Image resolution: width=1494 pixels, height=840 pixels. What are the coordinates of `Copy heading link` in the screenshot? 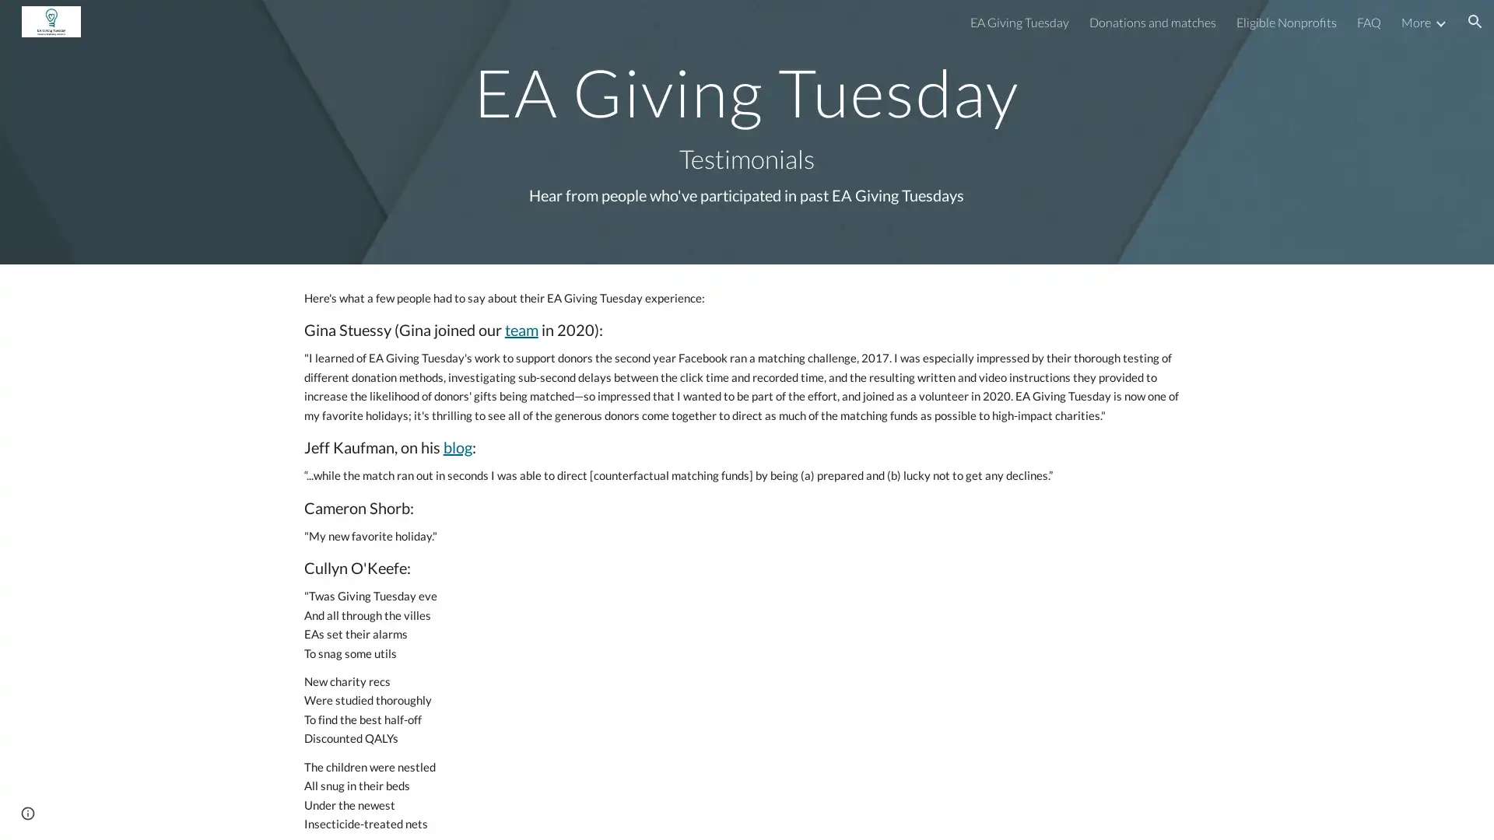 It's located at (430, 567).